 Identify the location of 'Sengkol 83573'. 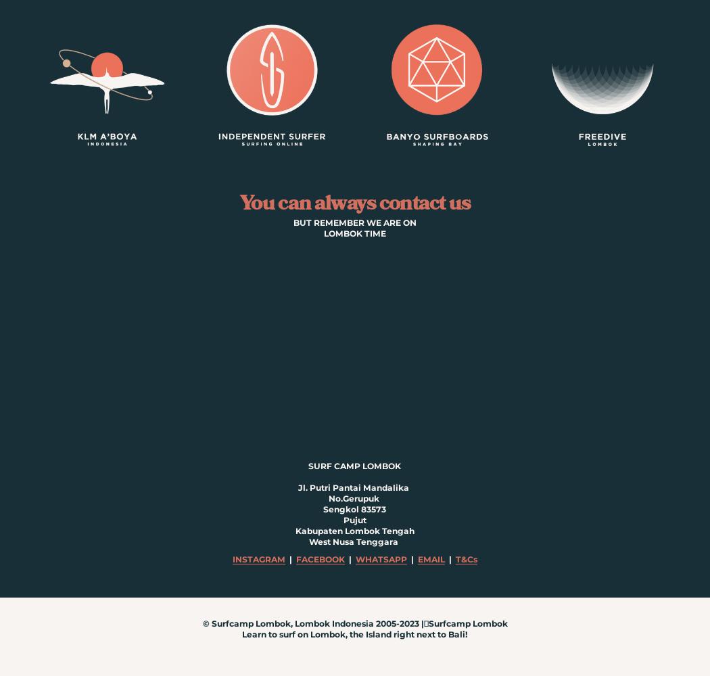
(354, 508).